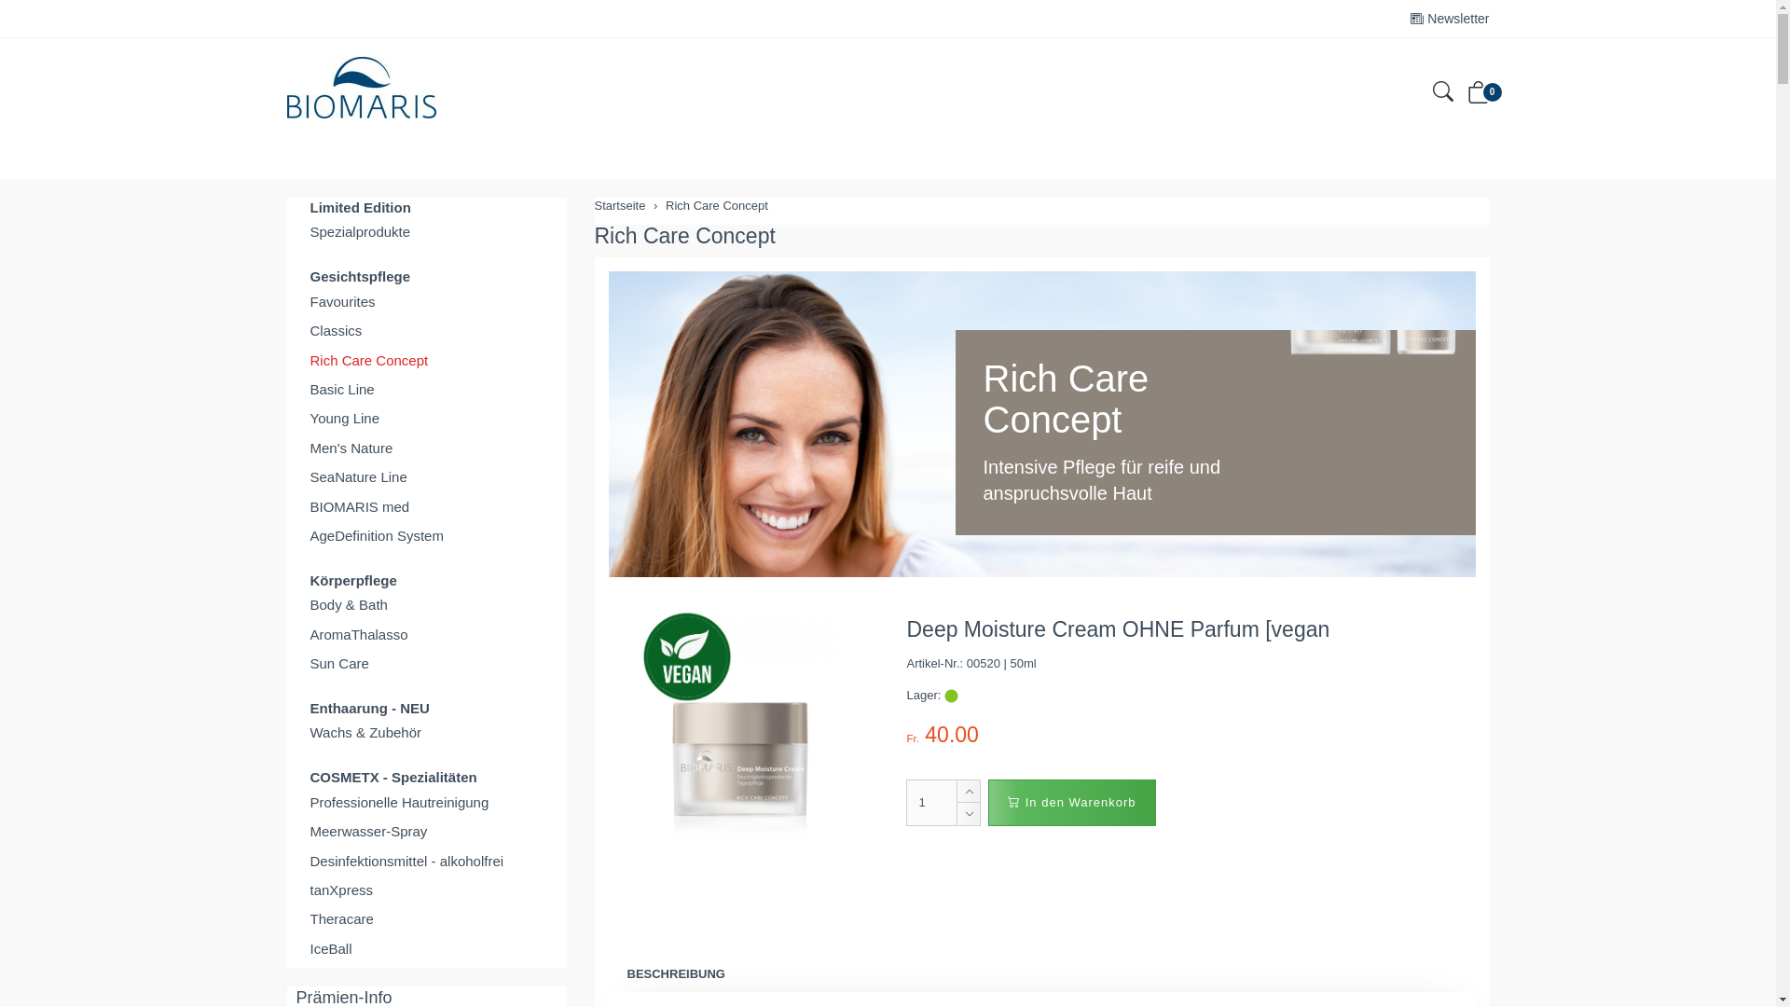 The width and height of the screenshot is (1790, 1007). Describe the element at coordinates (425, 230) in the screenshot. I see `'Spezialprodukte'` at that location.